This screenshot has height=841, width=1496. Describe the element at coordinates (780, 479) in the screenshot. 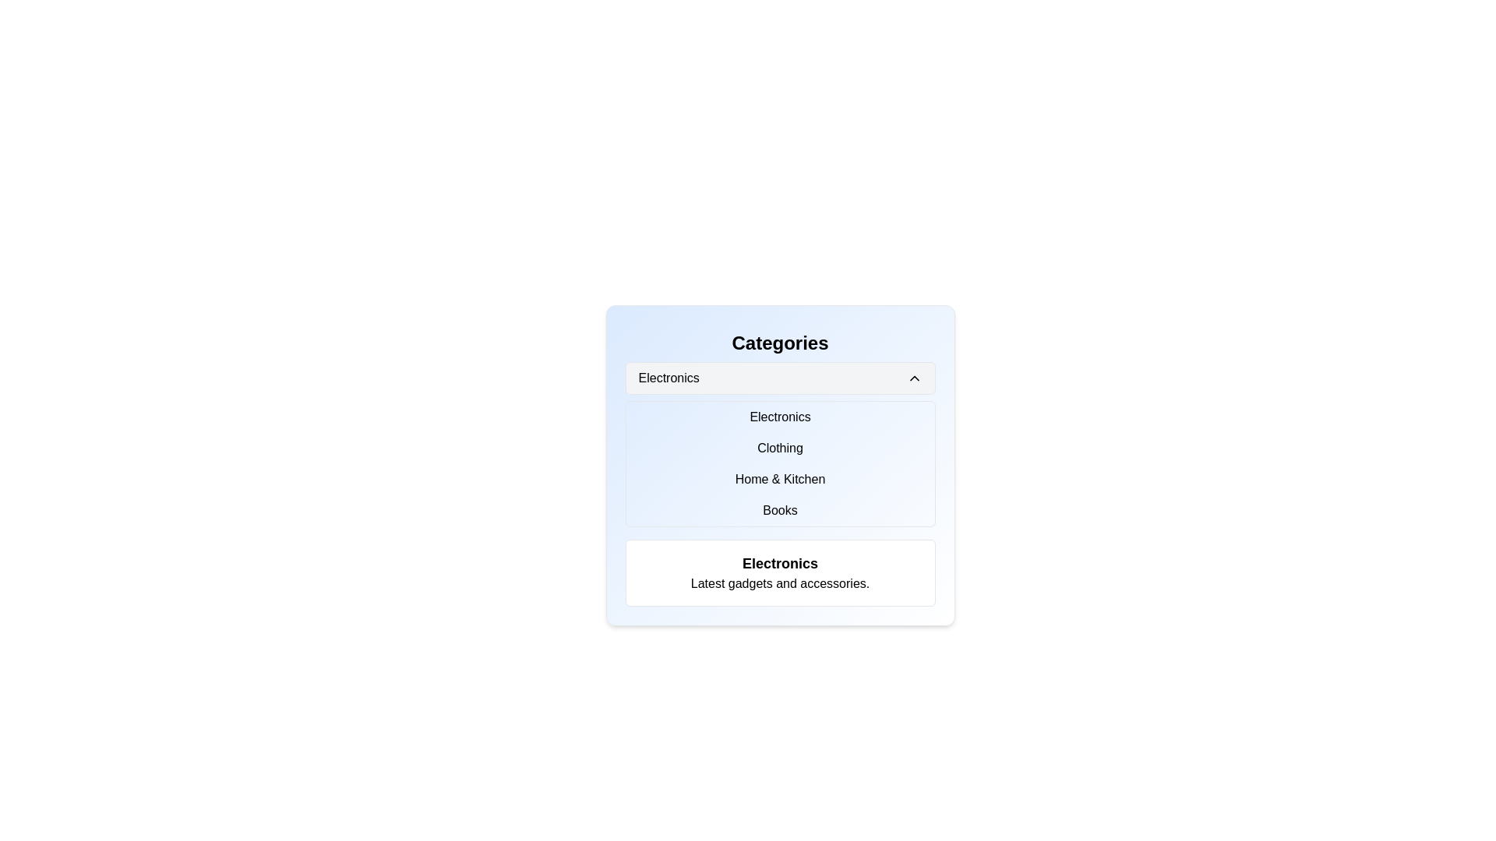

I see `the 'Home & Kitchen' category selection button, which is the third button in a vertical list of four buttons, located below the 'Clothing' button and above the 'Books' button` at that location.